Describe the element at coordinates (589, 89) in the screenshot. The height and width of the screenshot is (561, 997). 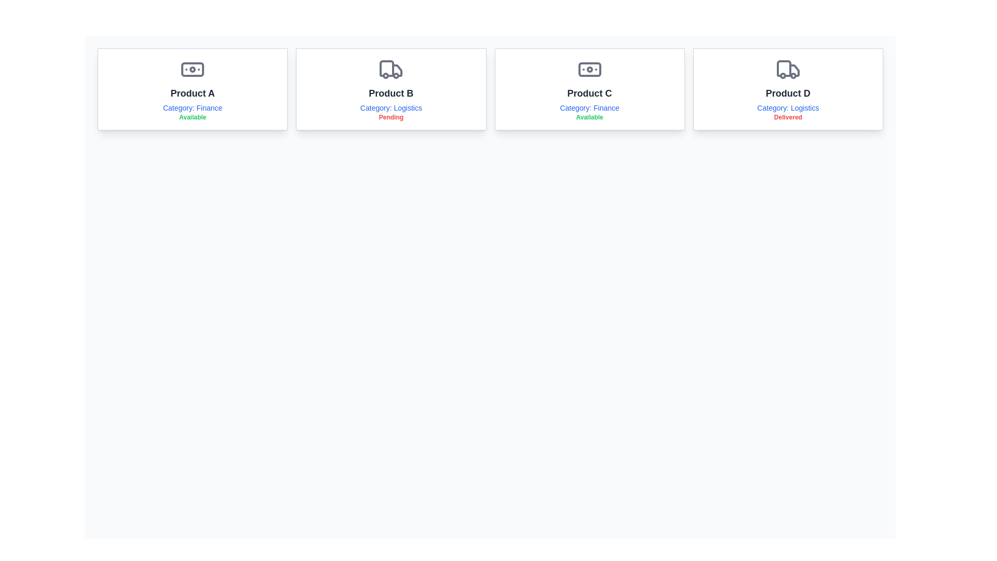
I see `to focus or select the 'Product C' card in the Finance category, which is the third card in a horizontal grid of four, marked as 'Available'` at that location.